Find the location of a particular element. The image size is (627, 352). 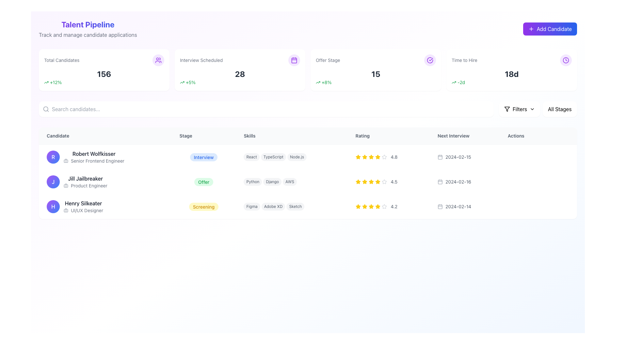

the 'AWS' skill badge label, which has a light gray background and medium gray text, located in the 'Skills' column of the second row in a table-like layout is located at coordinates (289, 182).